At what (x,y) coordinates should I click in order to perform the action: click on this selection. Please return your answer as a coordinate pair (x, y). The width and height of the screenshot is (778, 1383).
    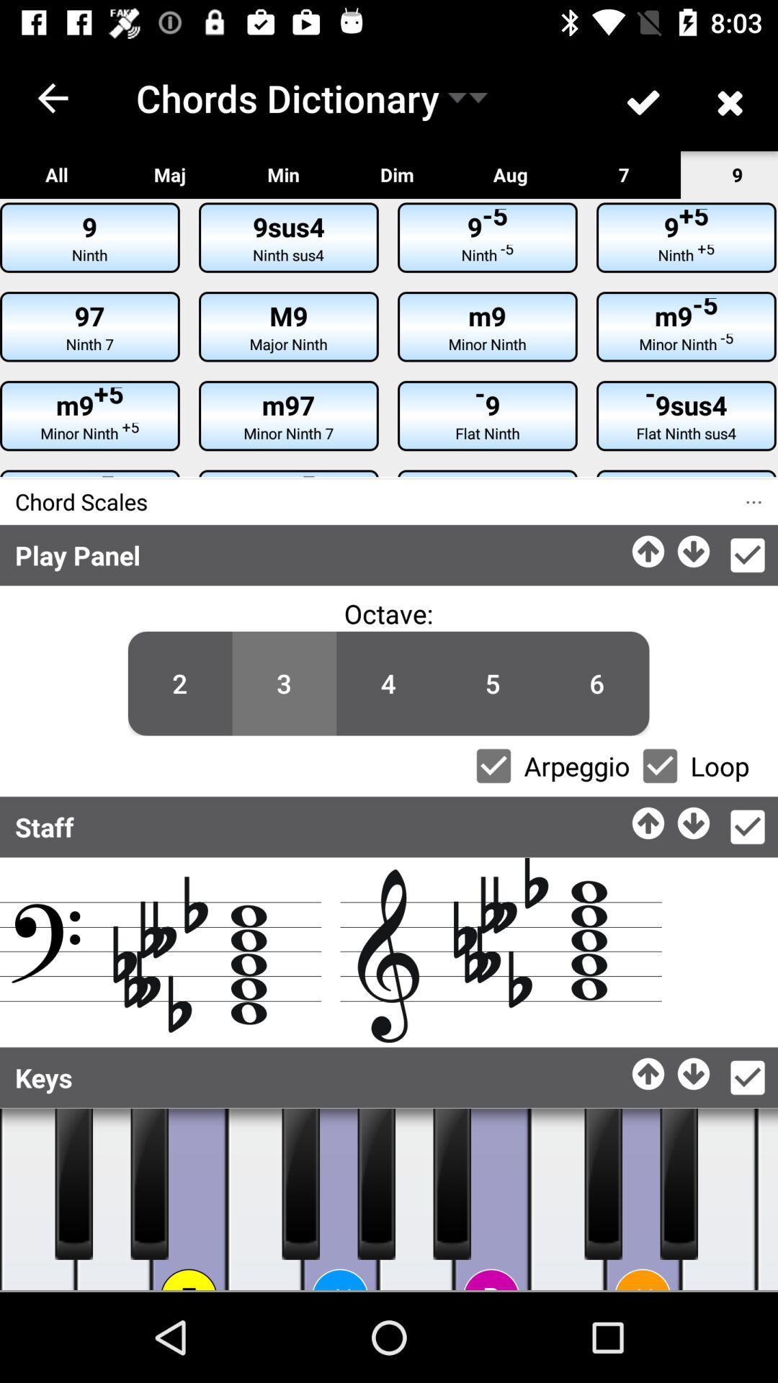
    Looking at the image, I should click on (746, 1078).